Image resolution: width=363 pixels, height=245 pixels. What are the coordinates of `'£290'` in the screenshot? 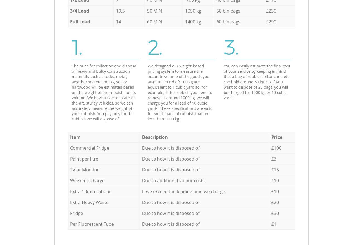 It's located at (271, 21).